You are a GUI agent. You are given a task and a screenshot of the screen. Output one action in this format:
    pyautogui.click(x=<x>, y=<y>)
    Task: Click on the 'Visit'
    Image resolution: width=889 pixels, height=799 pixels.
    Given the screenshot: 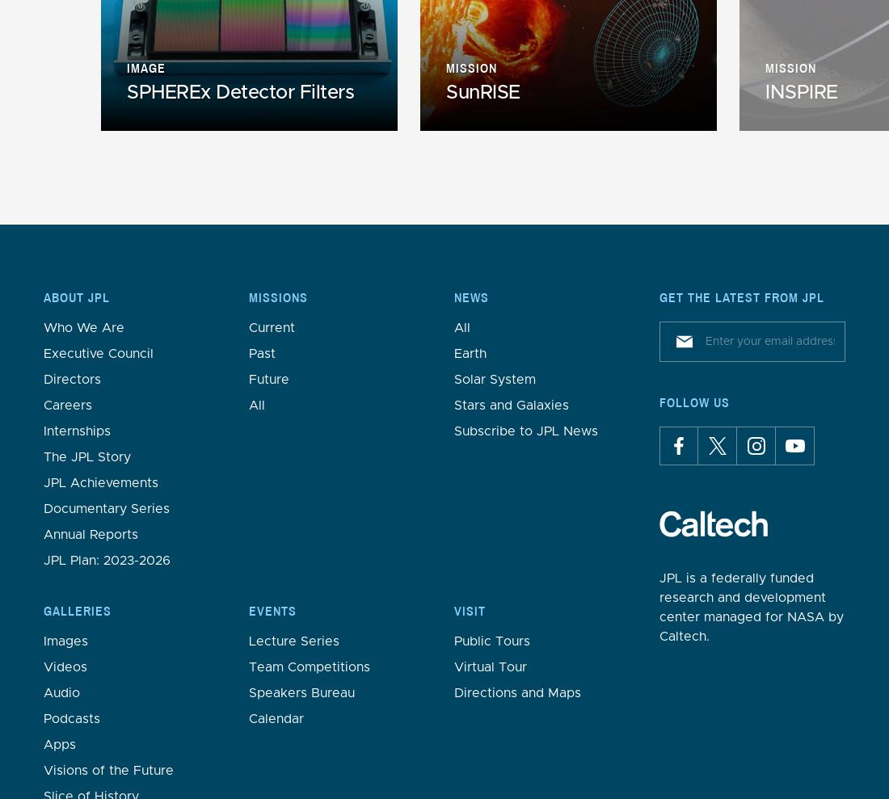 What is the action you would take?
    pyautogui.click(x=469, y=610)
    